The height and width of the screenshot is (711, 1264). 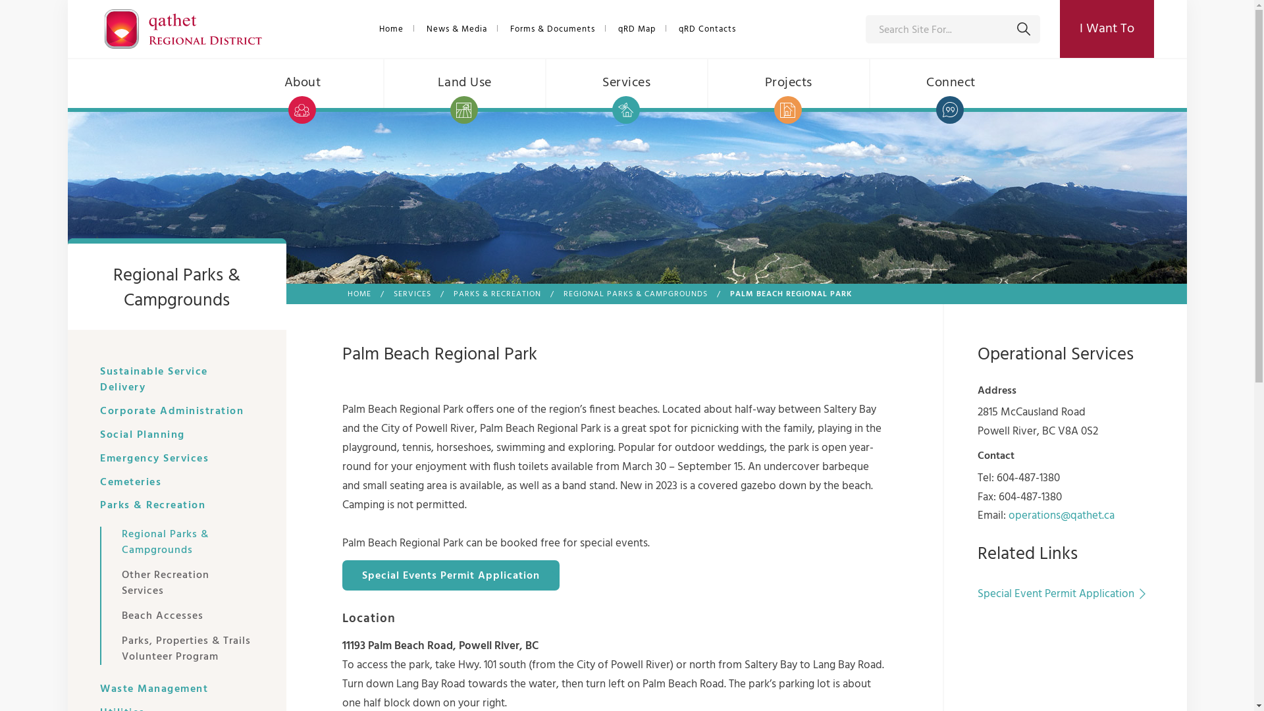 What do you see at coordinates (553, 29) in the screenshot?
I see `'Forms & Documents'` at bounding box center [553, 29].